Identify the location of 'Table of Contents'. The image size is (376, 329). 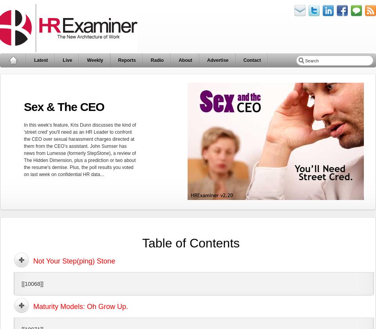
(190, 243).